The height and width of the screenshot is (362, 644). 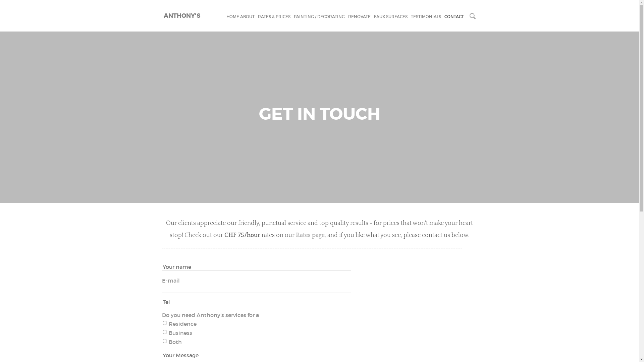 I want to click on 'RATES & PRICES', so click(x=257, y=16).